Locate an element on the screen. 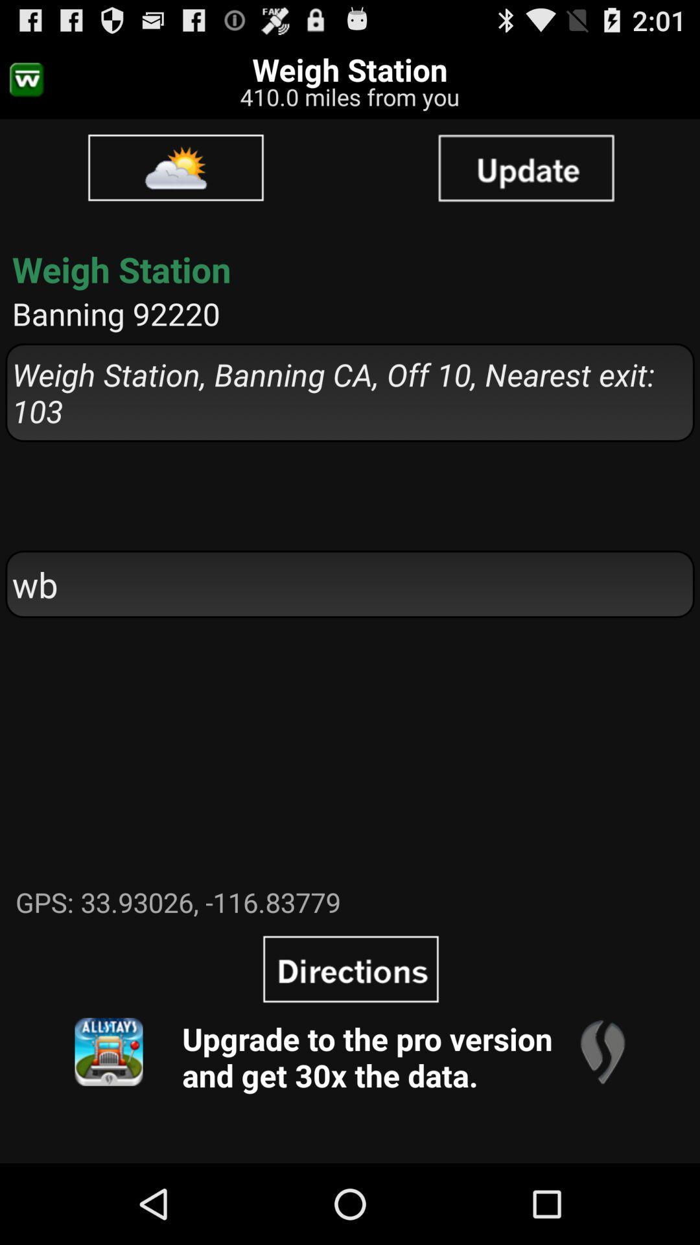  item at the bottom right corner is located at coordinates (602, 1052).